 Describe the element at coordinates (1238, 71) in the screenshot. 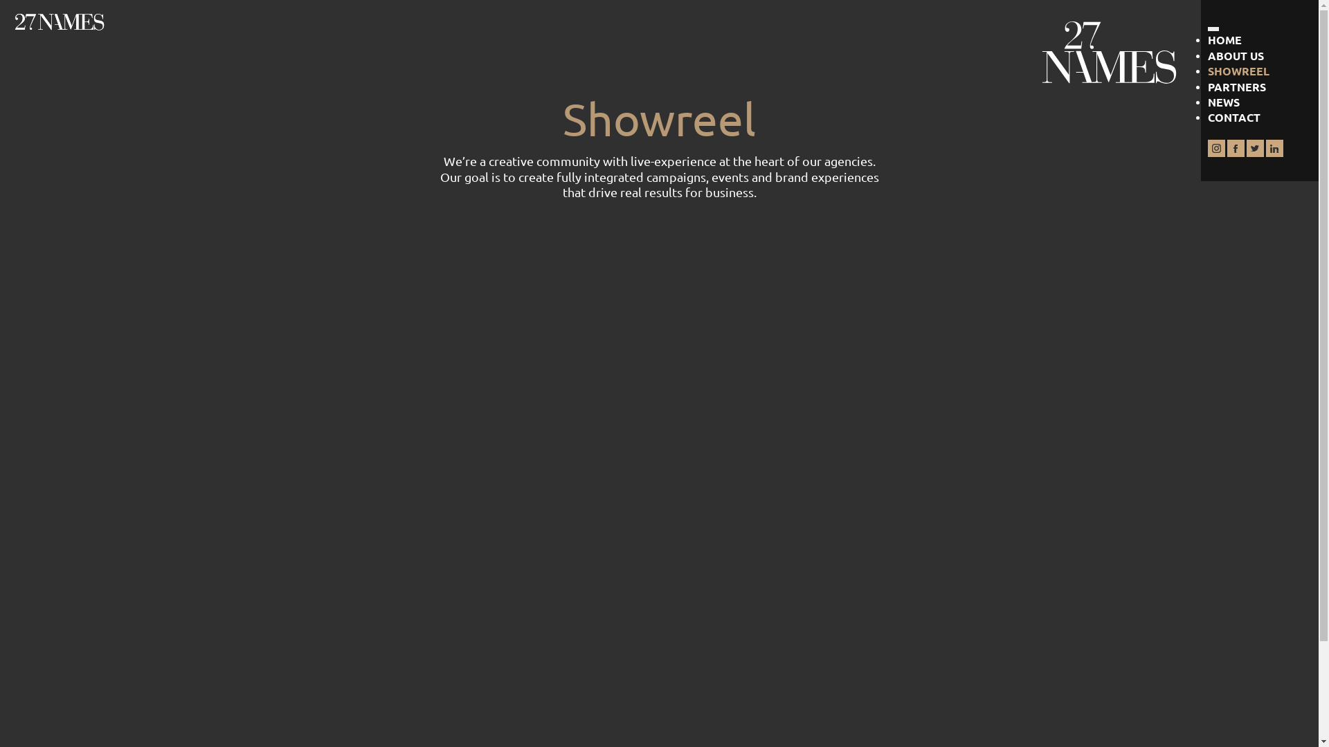

I see `'SHOWREEL'` at that location.